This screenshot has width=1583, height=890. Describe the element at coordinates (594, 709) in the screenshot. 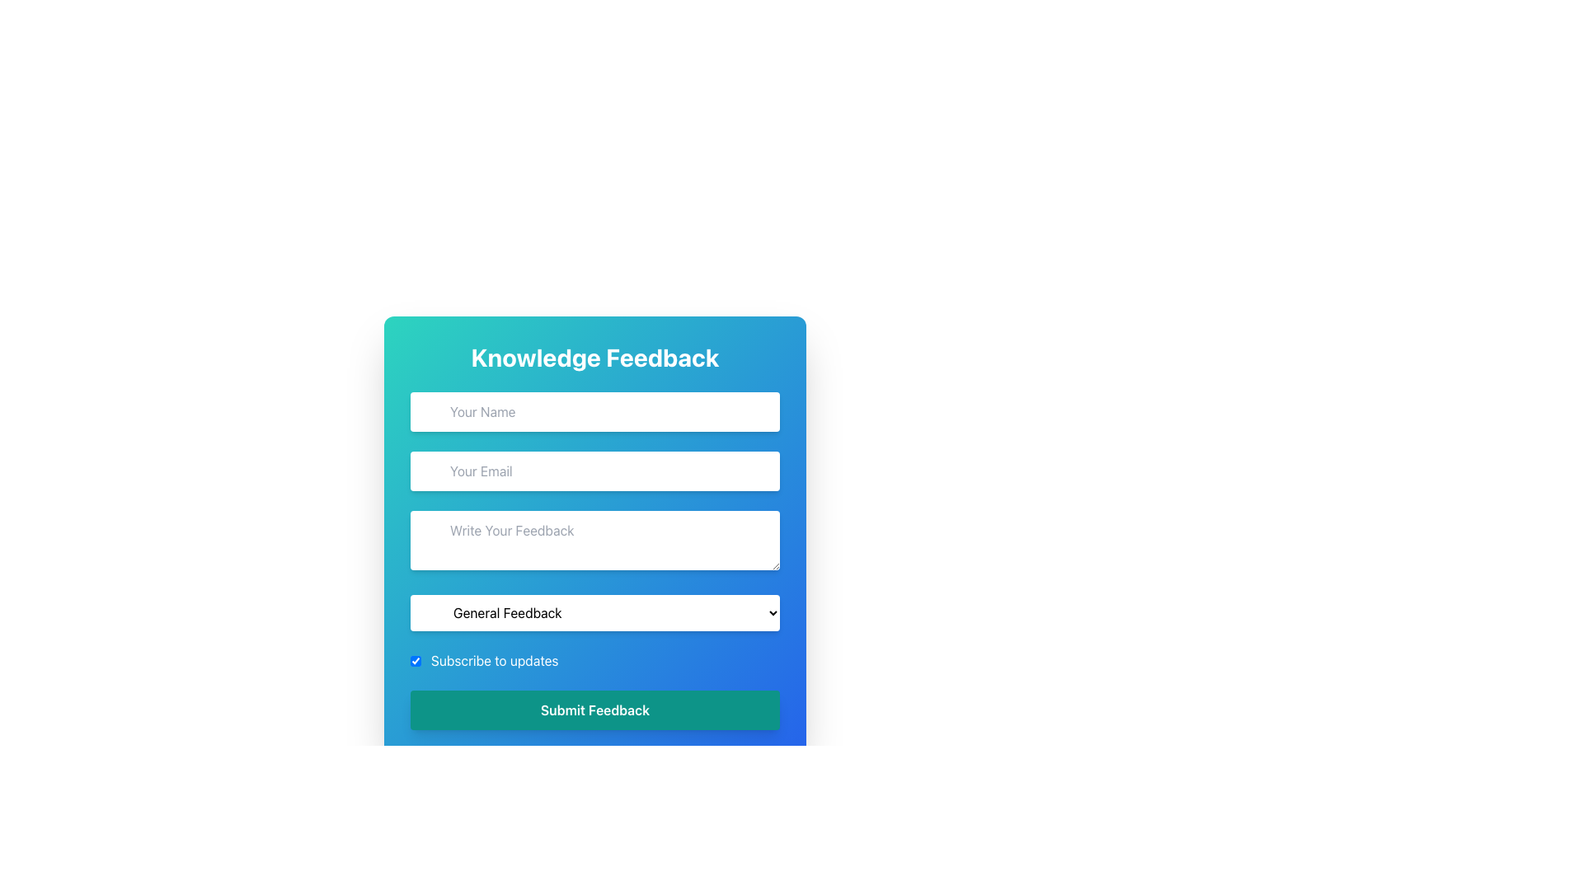

I see `the feedback submission button located below the 'Subscribe to updates' checkbox to observe visual styling changes` at that location.